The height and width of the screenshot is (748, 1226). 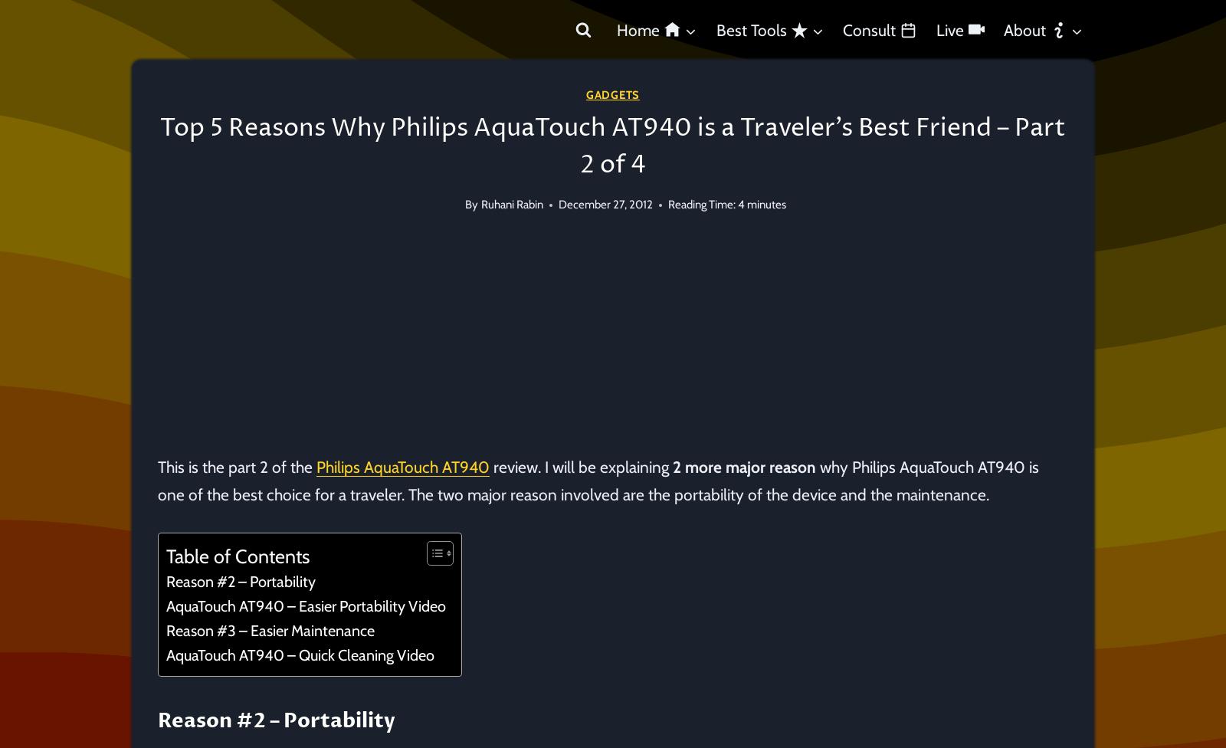 I want to click on 'review. I will be explaining', so click(x=581, y=467).